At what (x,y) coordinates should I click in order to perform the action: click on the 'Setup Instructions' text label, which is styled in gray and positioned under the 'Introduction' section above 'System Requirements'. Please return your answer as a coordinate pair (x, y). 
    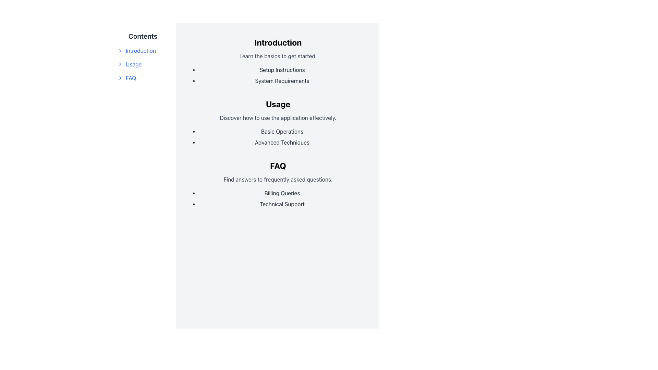
    Looking at the image, I should click on (282, 70).